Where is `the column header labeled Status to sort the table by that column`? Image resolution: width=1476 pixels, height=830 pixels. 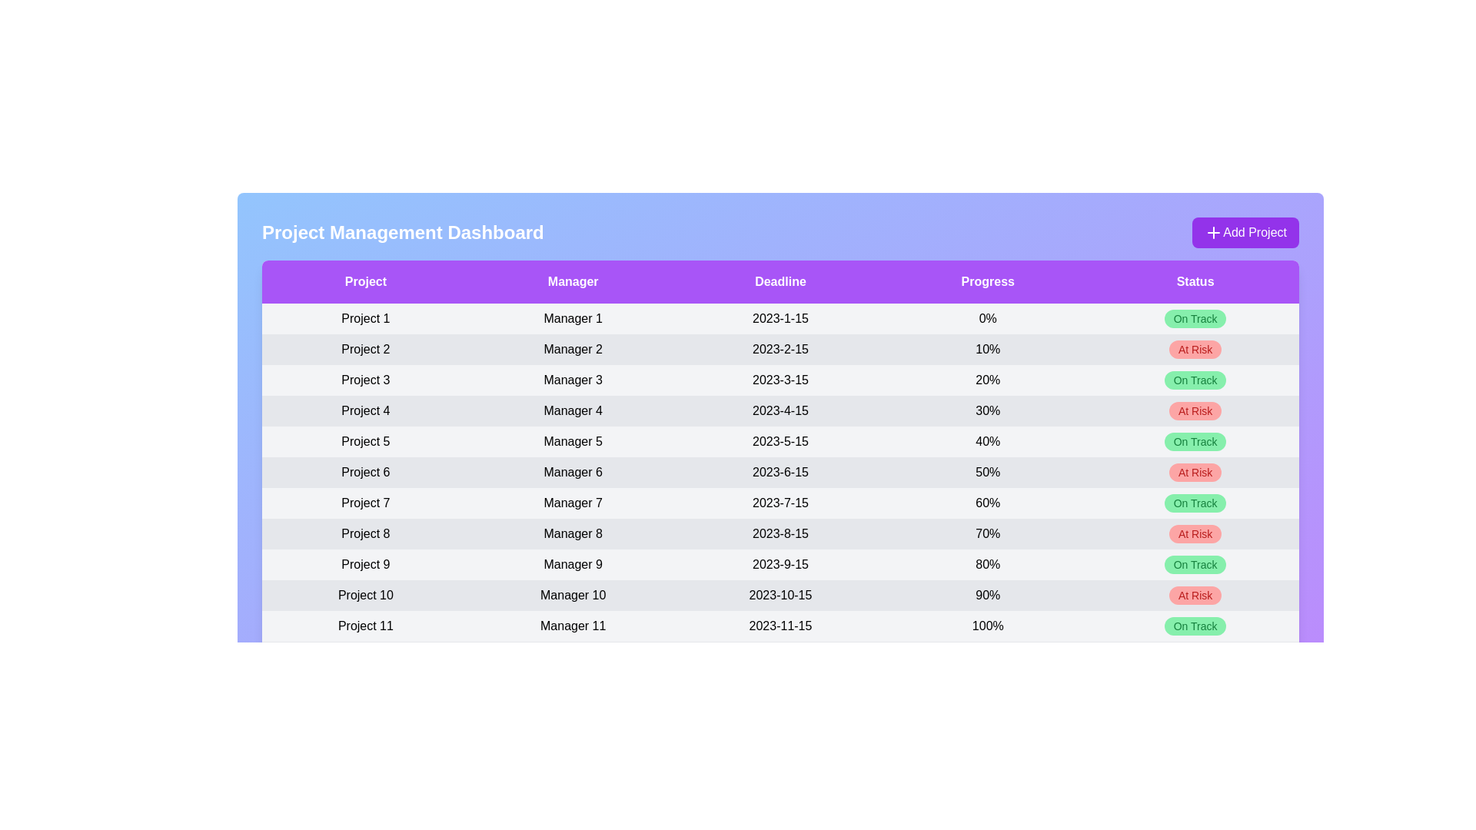 the column header labeled Status to sort the table by that column is located at coordinates (1195, 281).